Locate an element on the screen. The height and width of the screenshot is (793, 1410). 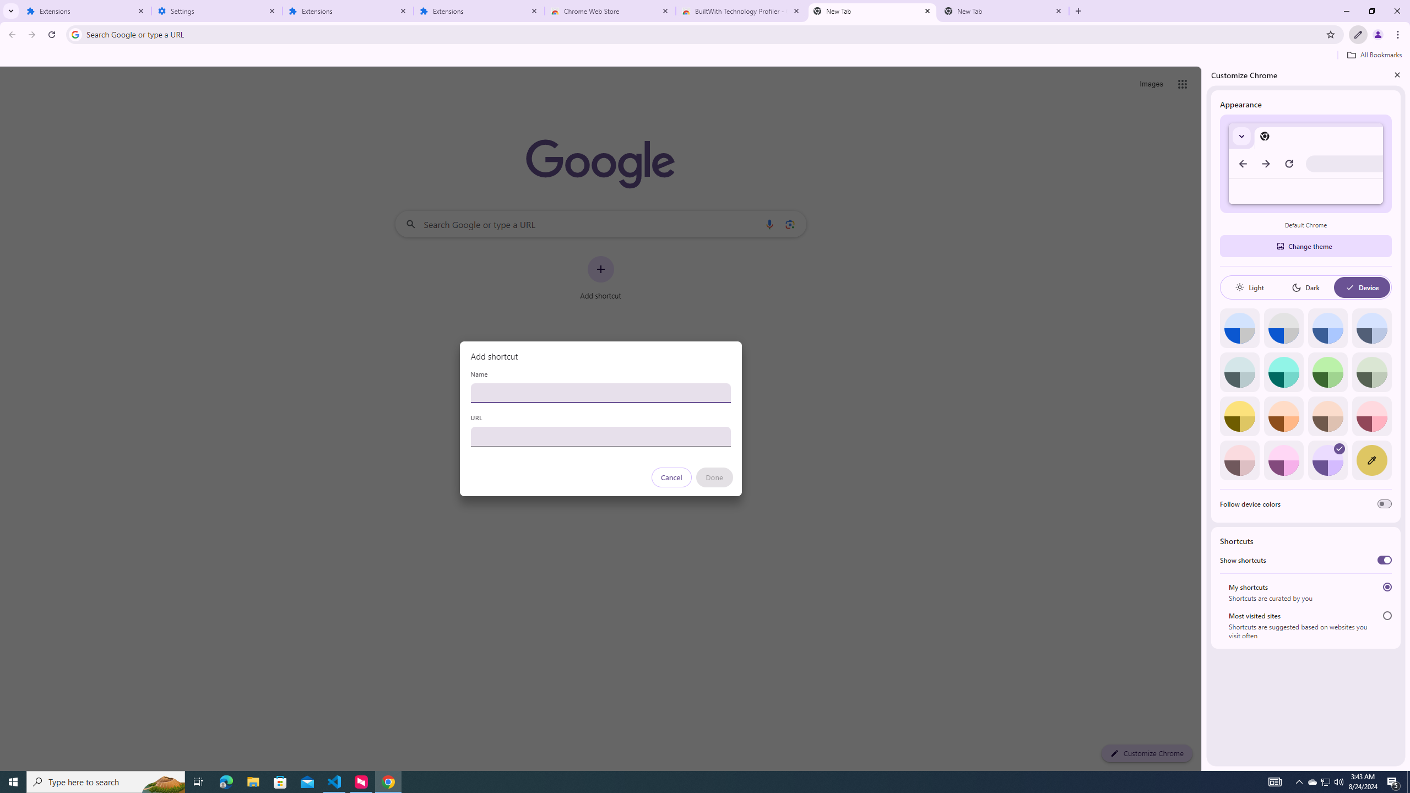
'URL' is located at coordinates (600, 436).